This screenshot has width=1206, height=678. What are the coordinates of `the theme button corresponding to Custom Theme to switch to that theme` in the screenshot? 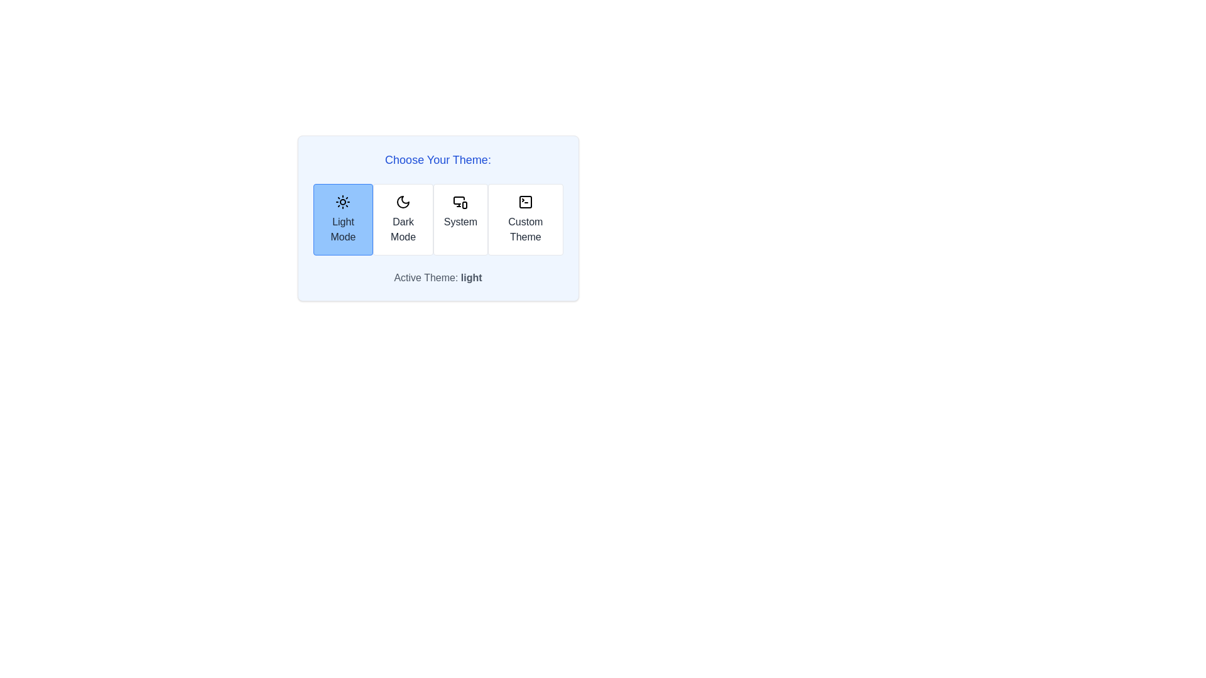 It's located at (524, 219).